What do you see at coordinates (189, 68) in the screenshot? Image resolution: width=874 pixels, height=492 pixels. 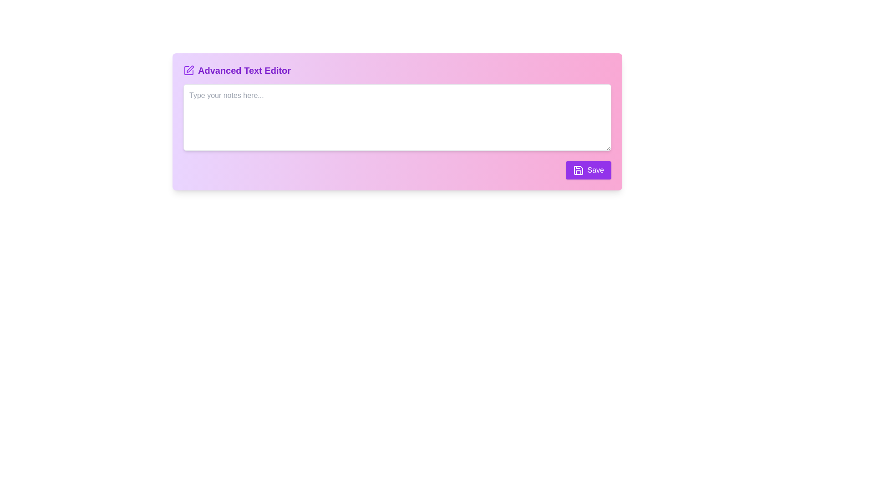 I see `the pen-shaped icon with a monochromatic purple styling, which is part of the graphical interface above the 'Advanced Text Editor' label` at bounding box center [189, 68].